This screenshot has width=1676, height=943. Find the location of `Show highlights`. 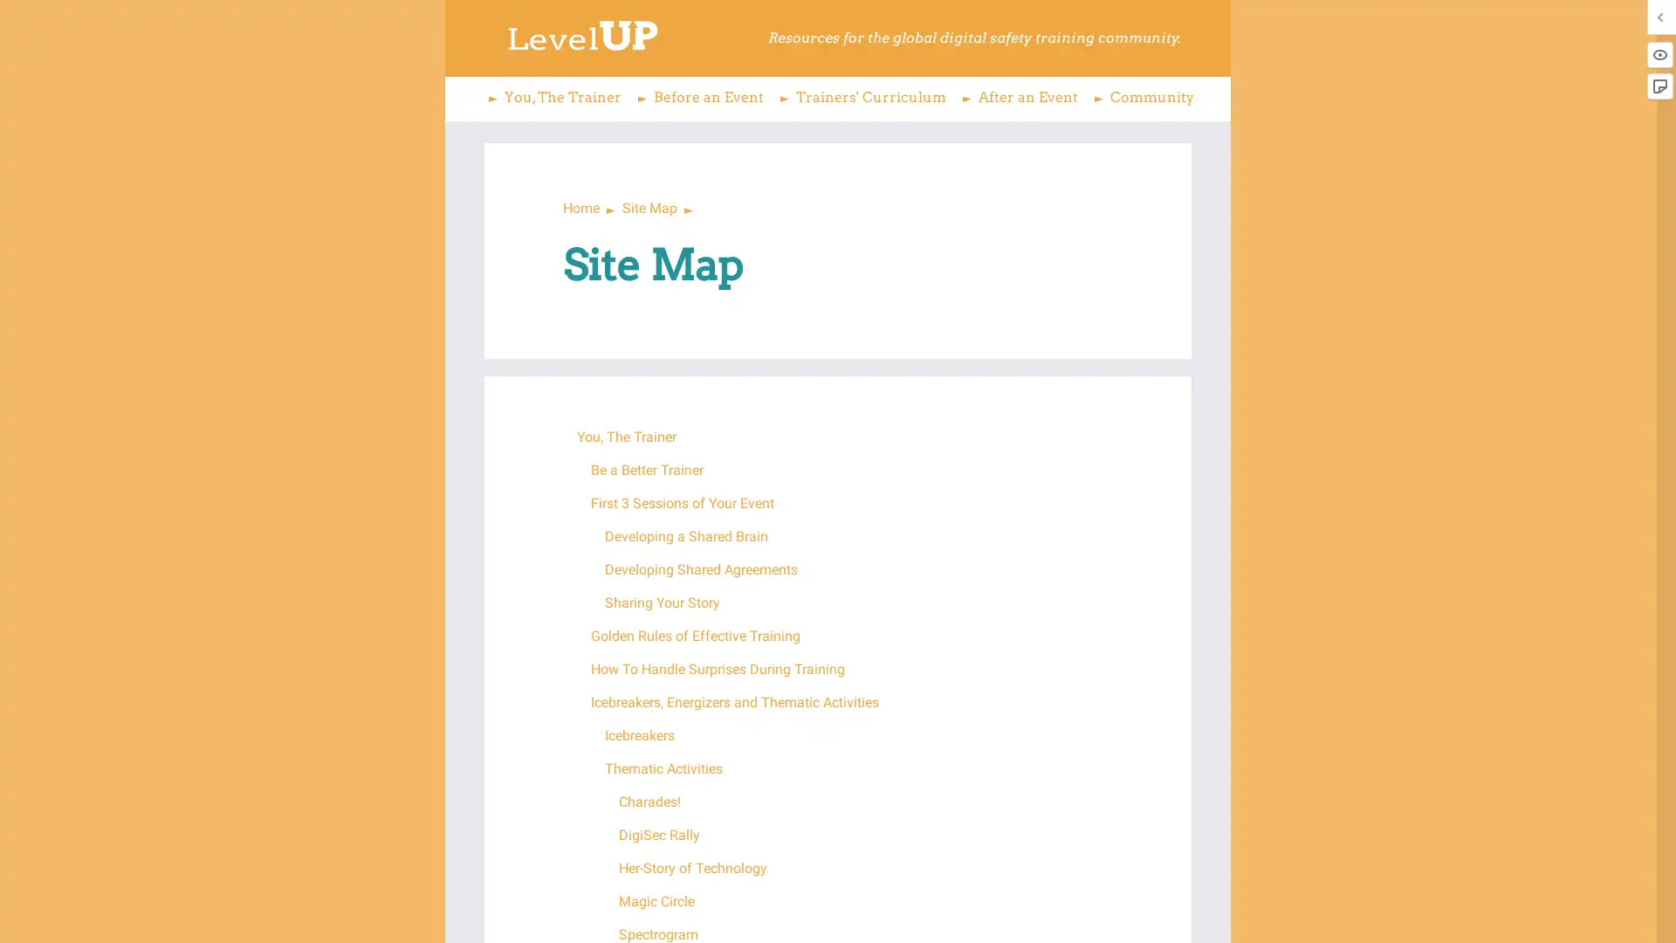

Show highlights is located at coordinates (1659, 53).